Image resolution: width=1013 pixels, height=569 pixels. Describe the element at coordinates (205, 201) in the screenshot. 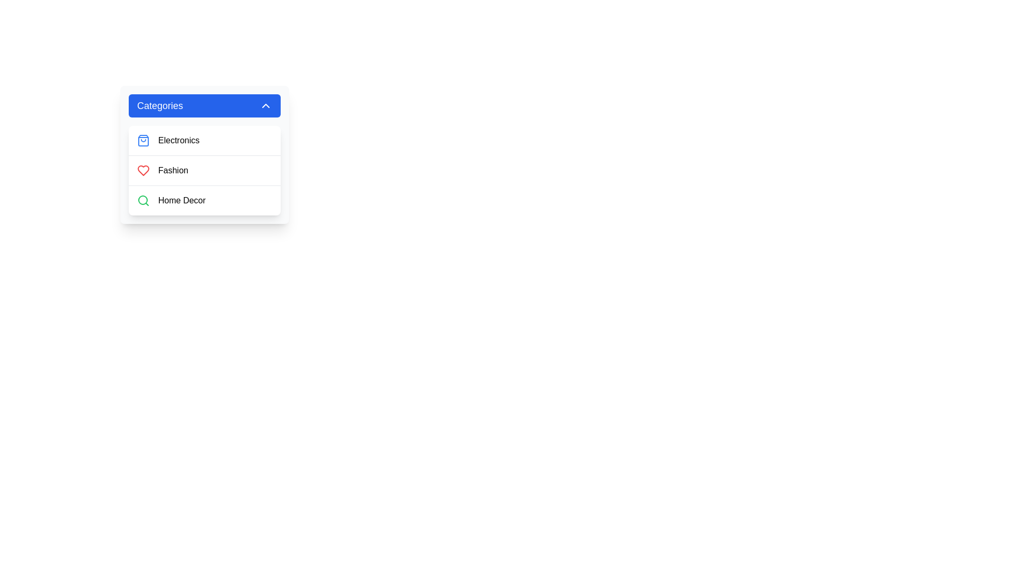

I see `the 'Home Decor' list item in the dropdown menu` at that location.